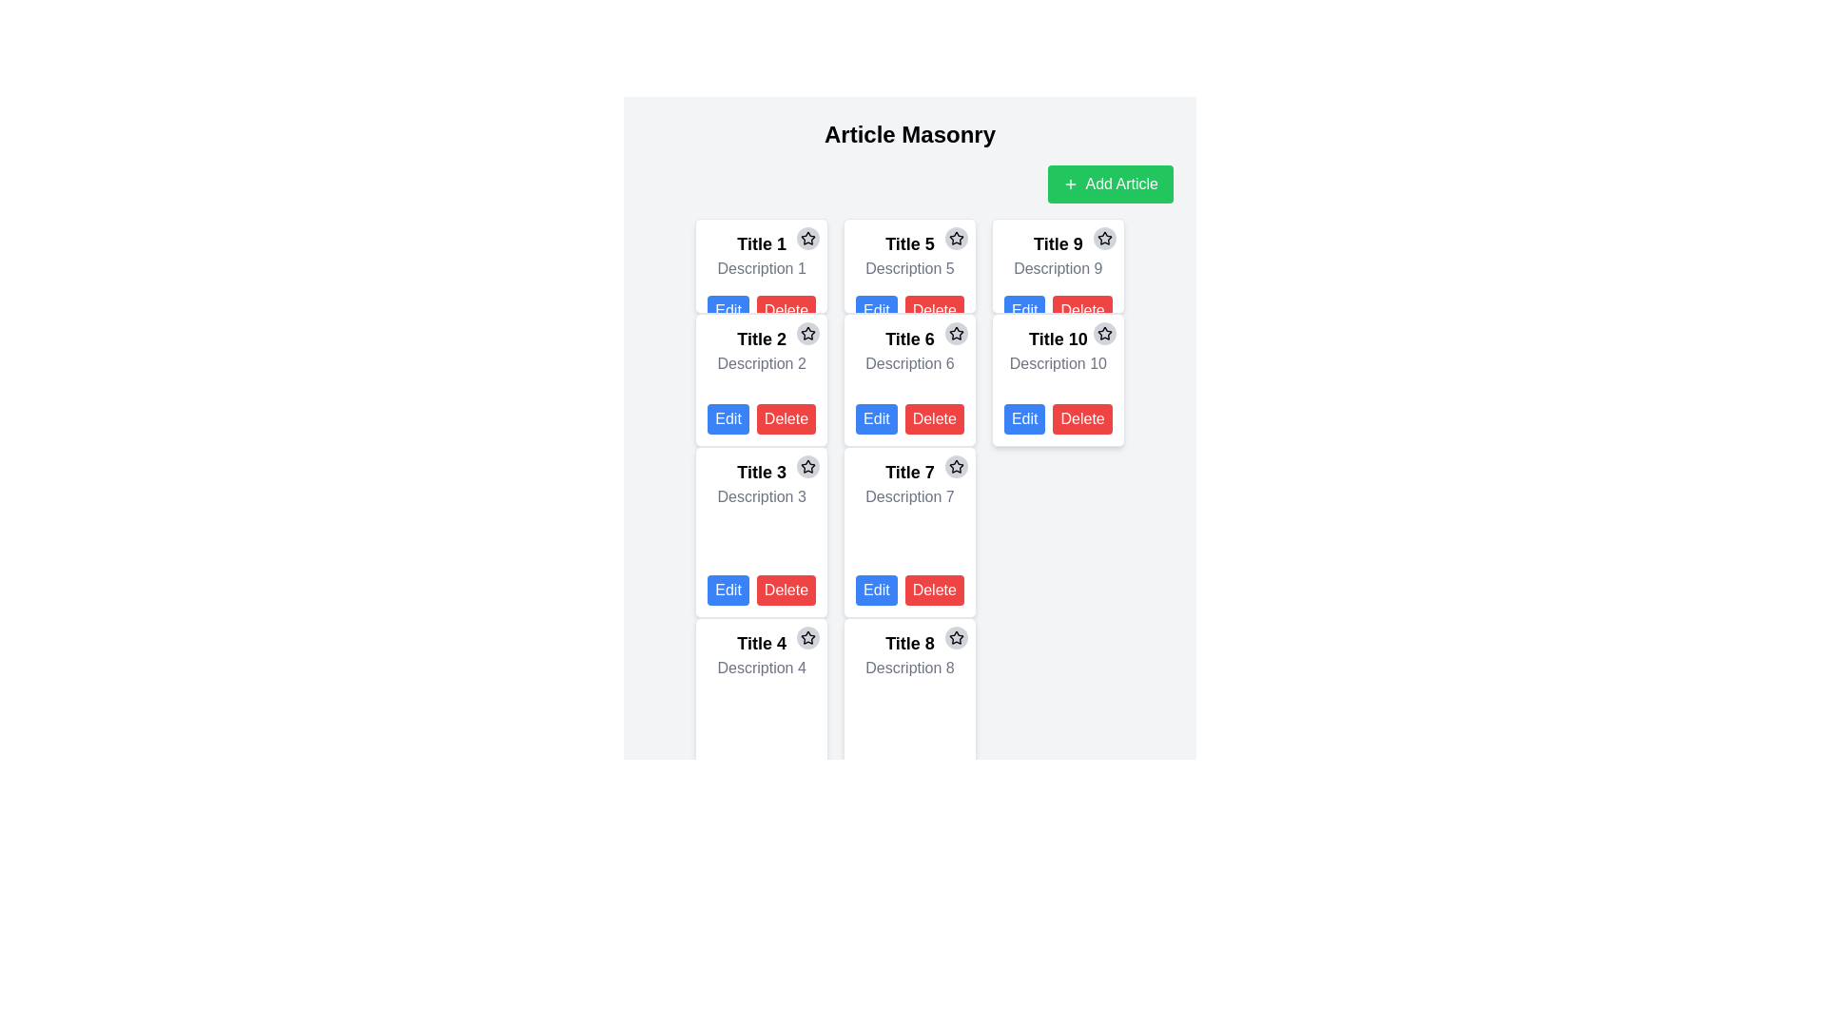 This screenshot has width=1826, height=1027. What do you see at coordinates (762, 268) in the screenshot?
I see `the text label displaying secondary information associated with 'Title 1', which is positioned beneath the title and above the 'Edit' and 'Delete' buttons in the first card of the grid` at bounding box center [762, 268].